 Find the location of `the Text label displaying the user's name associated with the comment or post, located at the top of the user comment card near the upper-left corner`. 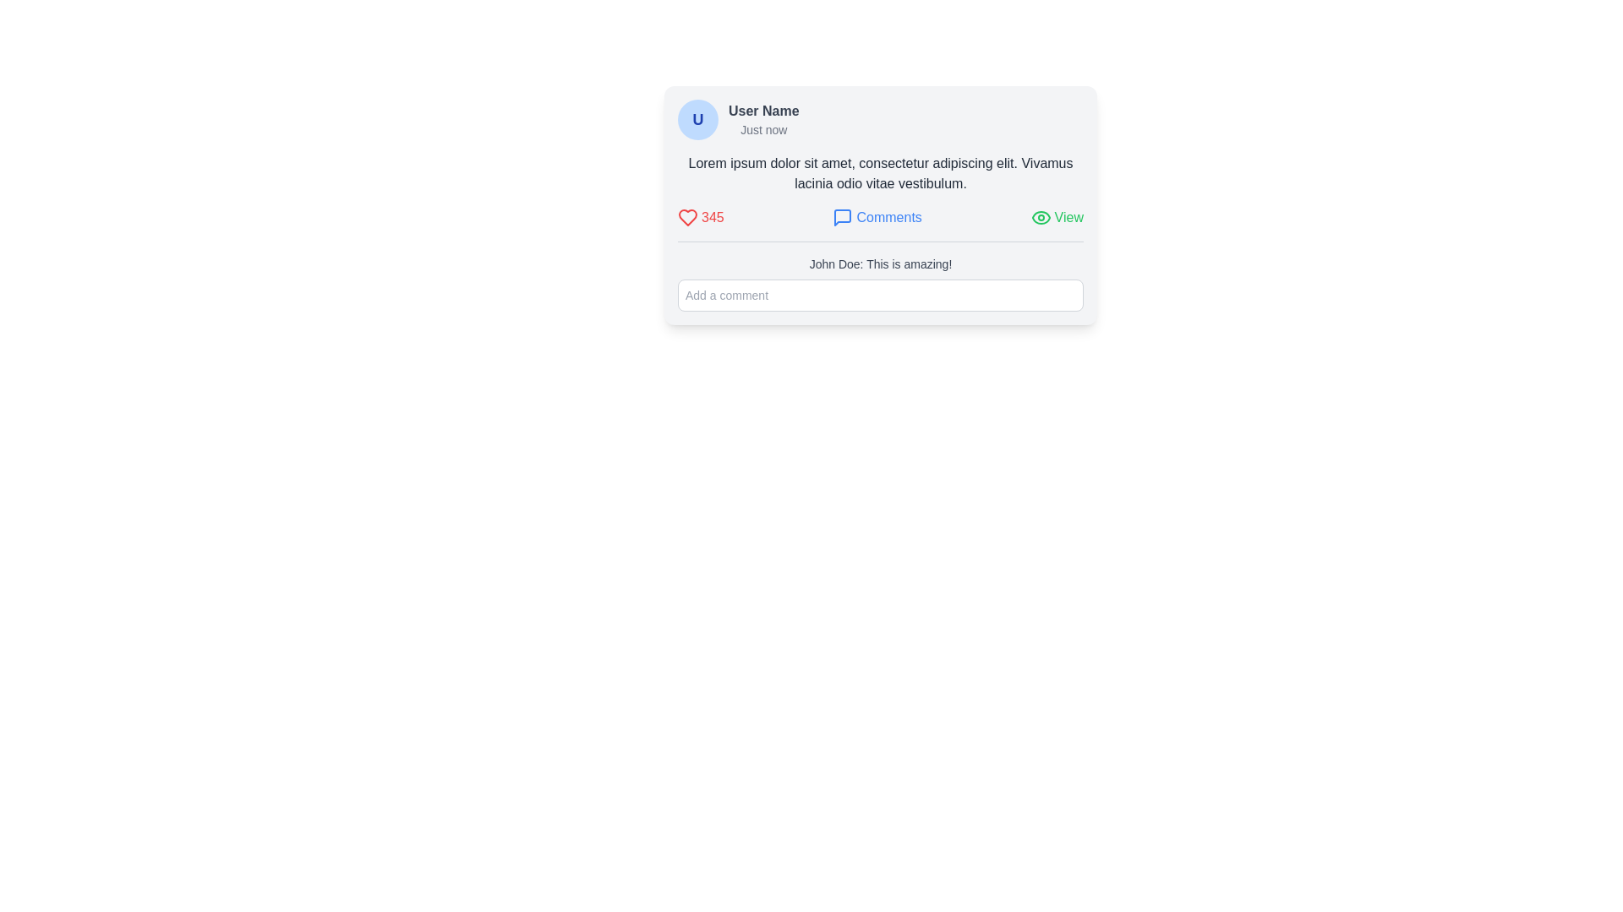

the Text label displaying the user's name associated with the comment or post, located at the top of the user comment card near the upper-left corner is located at coordinates (762, 111).